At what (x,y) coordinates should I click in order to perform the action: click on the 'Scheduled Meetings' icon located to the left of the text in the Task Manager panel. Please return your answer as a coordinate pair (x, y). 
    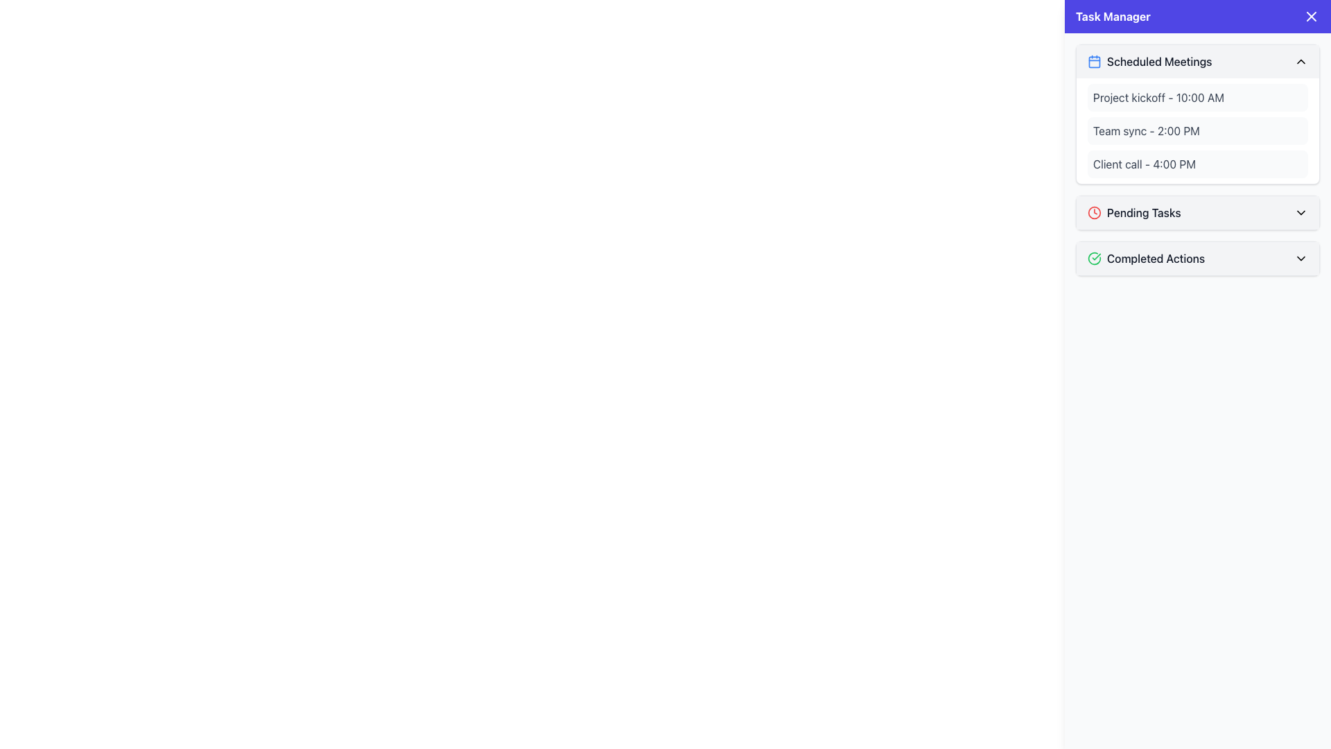
    Looking at the image, I should click on (1094, 60).